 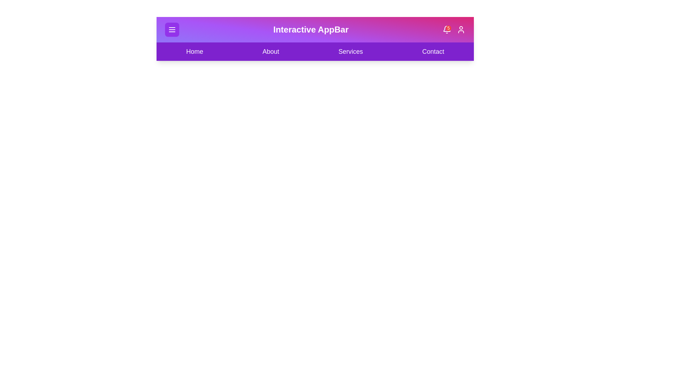 I want to click on the user icon in the top-right corner of the app bar, so click(x=461, y=29).